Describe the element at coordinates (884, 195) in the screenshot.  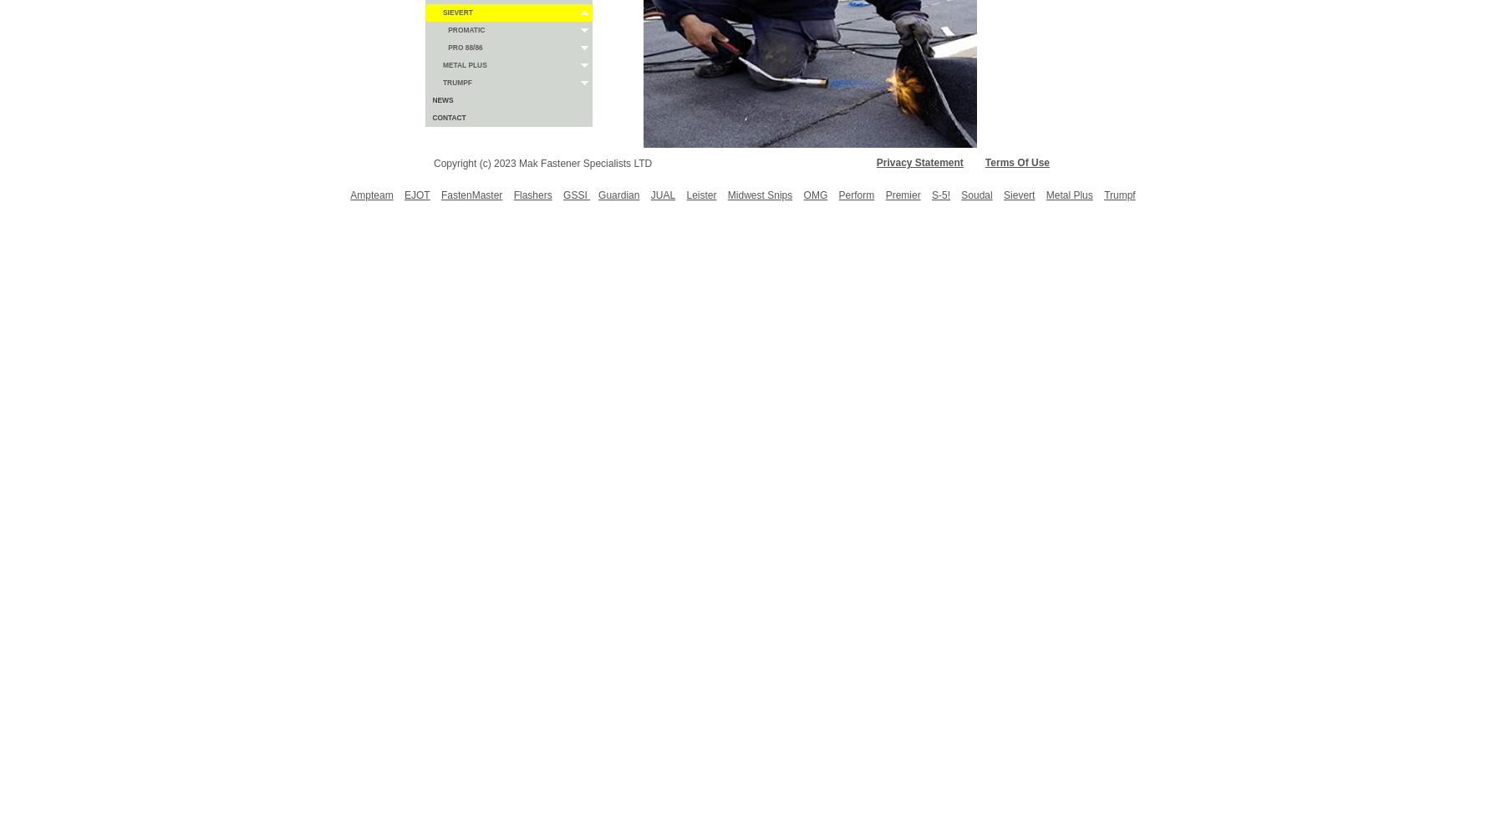
I see `'Premier'` at that location.